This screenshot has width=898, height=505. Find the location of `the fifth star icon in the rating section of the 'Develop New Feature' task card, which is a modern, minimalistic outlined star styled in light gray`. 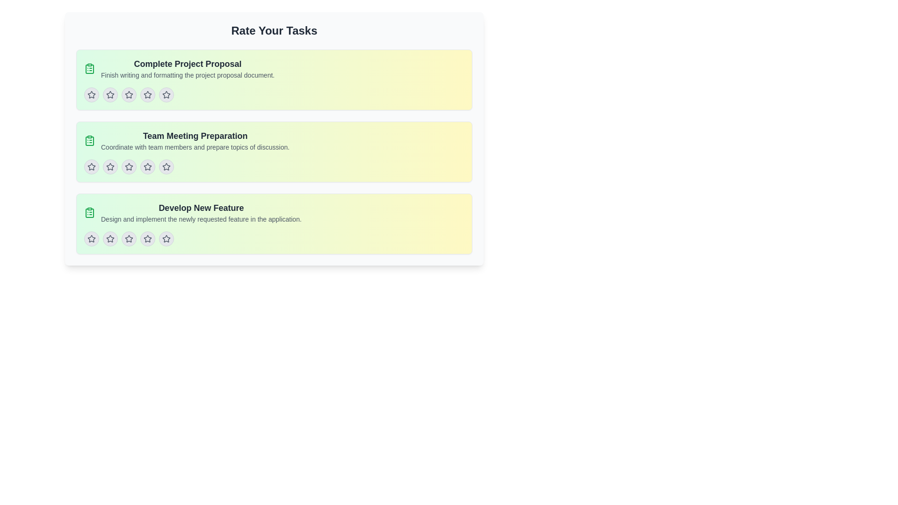

the fifth star icon in the rating section of the 'Develop New Feature' task card, which is a modern, minimalistic outlined star styled in light gray is located at coordinates (166, 238).